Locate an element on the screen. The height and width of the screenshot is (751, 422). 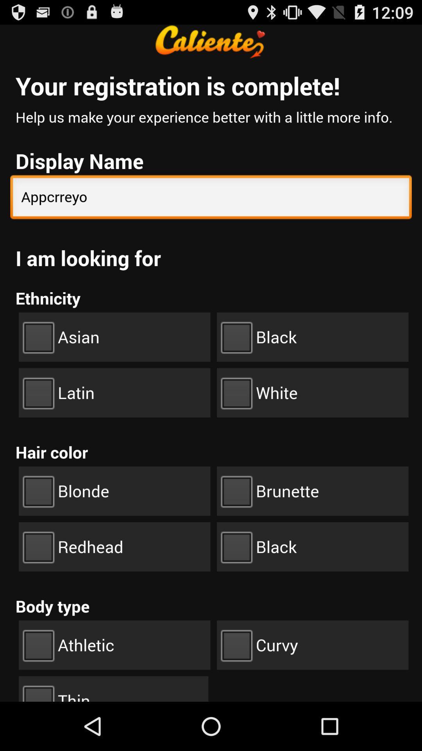
the check box  block is located at coordinates (312, 337).